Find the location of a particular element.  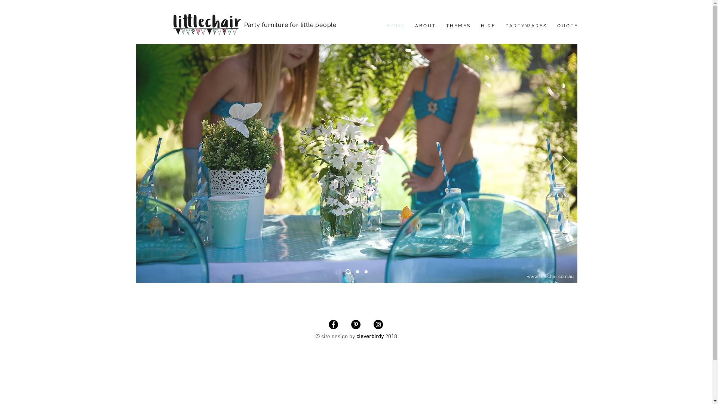

'H O M E' is located at coordinates (395, 25).